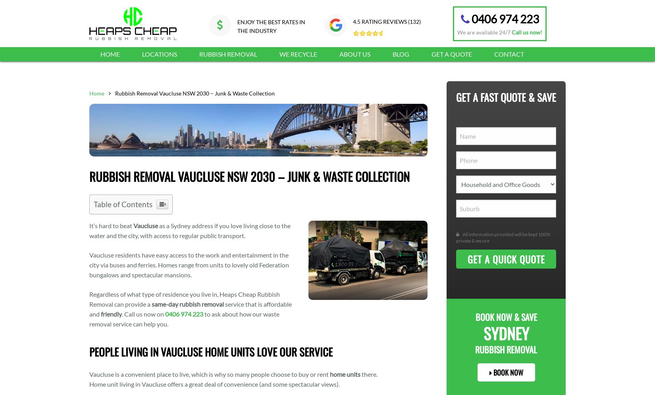 Image resolution: width=655 pixels, height=395 pixels. What do you see at coordinates (298, 54) in the screenshot?
I see `'We Recycle'` at bounding box center [298, 54].